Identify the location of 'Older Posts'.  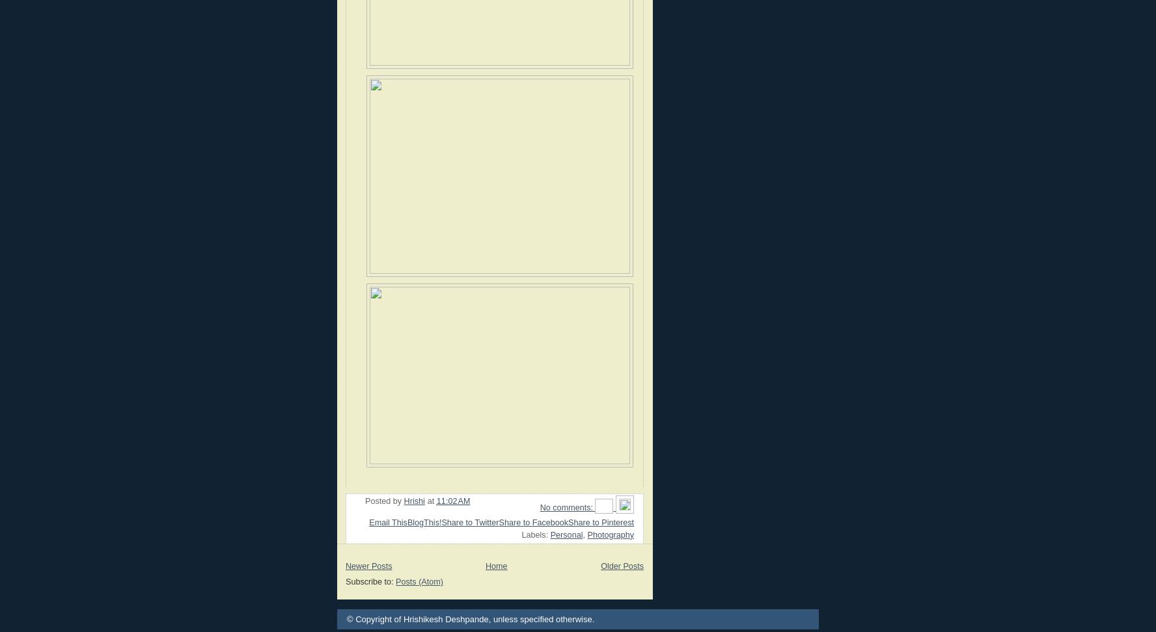
(622, 566).